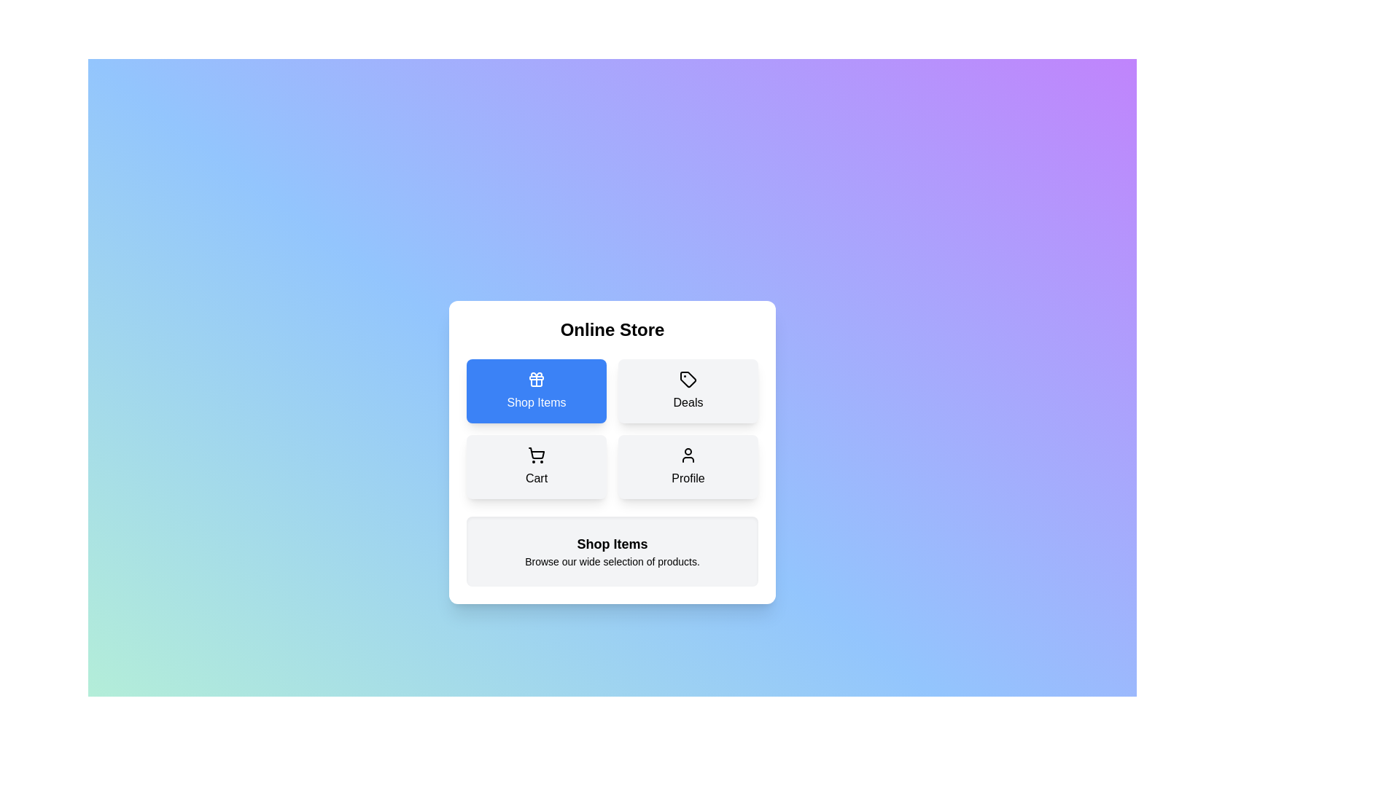 The width and height of the screenshot is (1400, 787). Describe the element at coordinates (688, 466) in the screenshot. I see `the Profile button to observe its hover effect` at that location.